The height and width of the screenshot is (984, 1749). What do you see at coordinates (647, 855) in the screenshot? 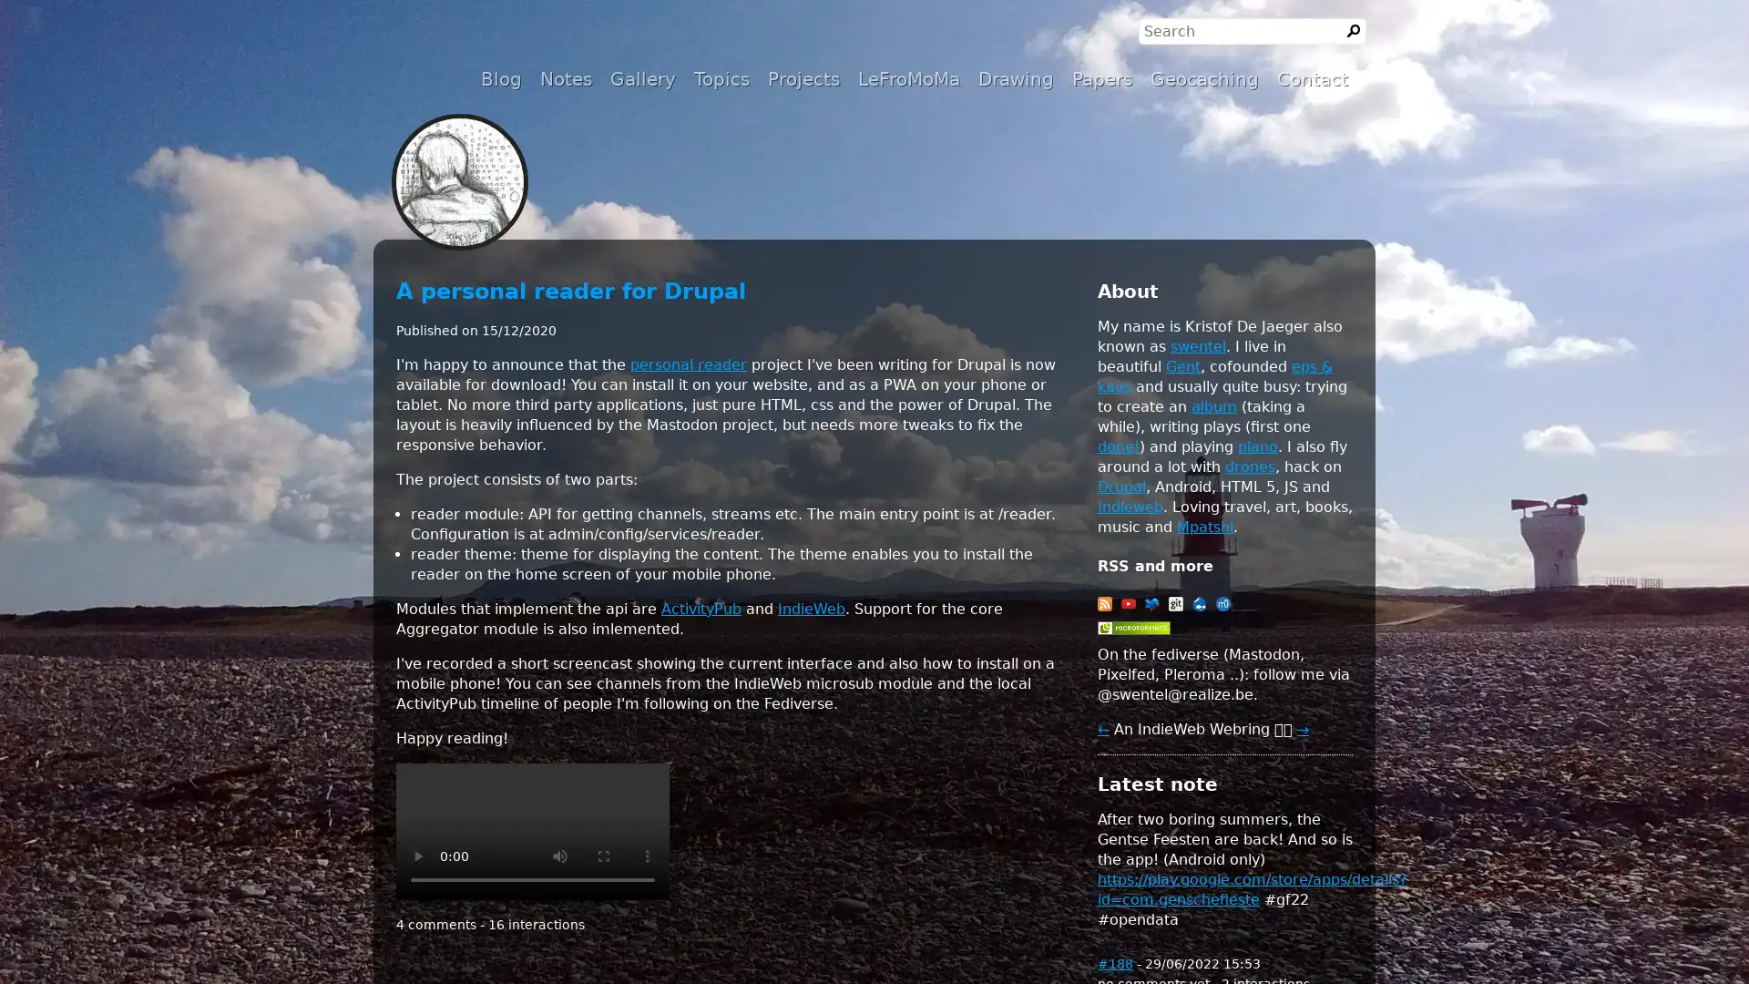
I see `show more media controls` at bounding box center [647, 855].